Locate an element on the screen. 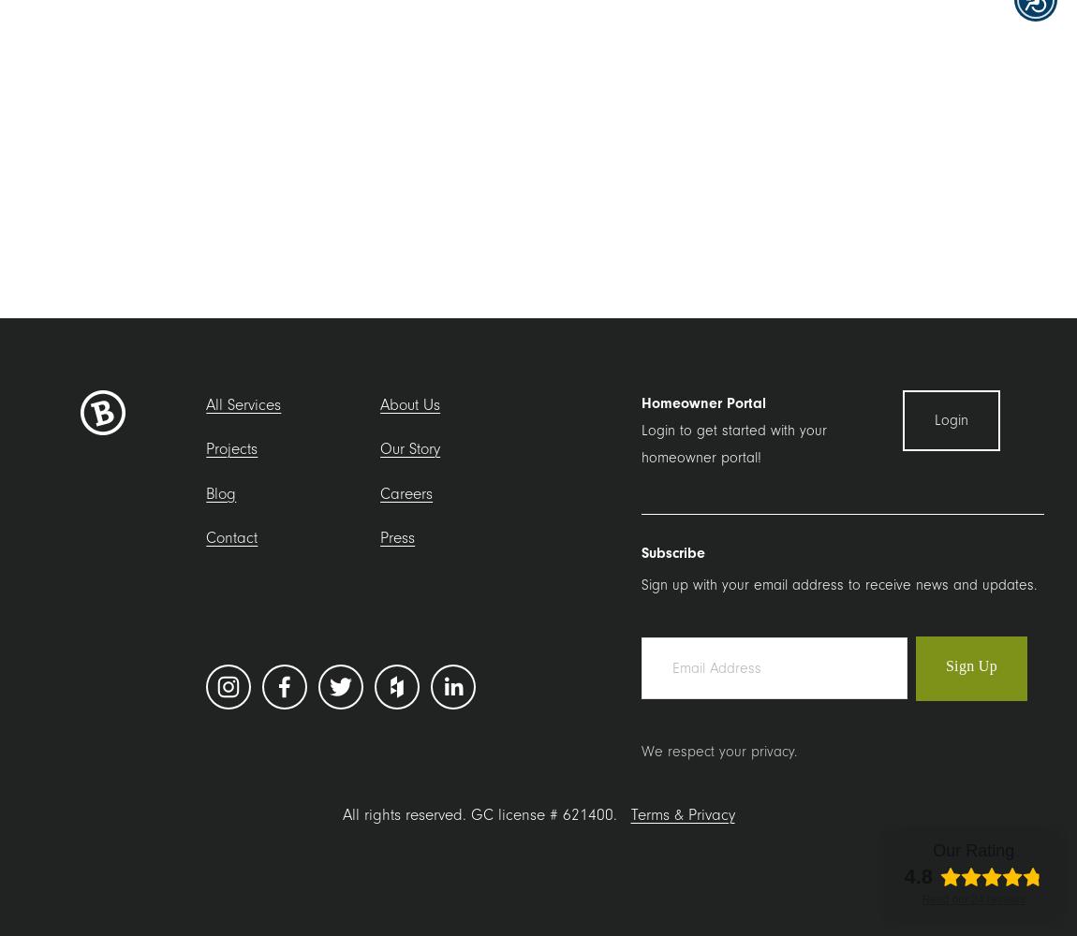  'Subscribe' is located at coordinates (671, 552).